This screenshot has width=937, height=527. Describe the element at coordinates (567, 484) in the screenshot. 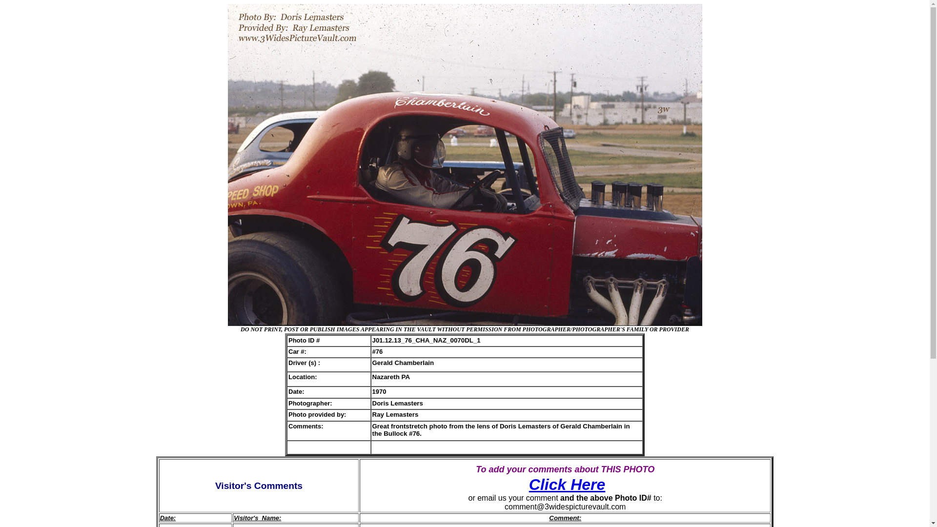

I see `'Click Here'` at that location.